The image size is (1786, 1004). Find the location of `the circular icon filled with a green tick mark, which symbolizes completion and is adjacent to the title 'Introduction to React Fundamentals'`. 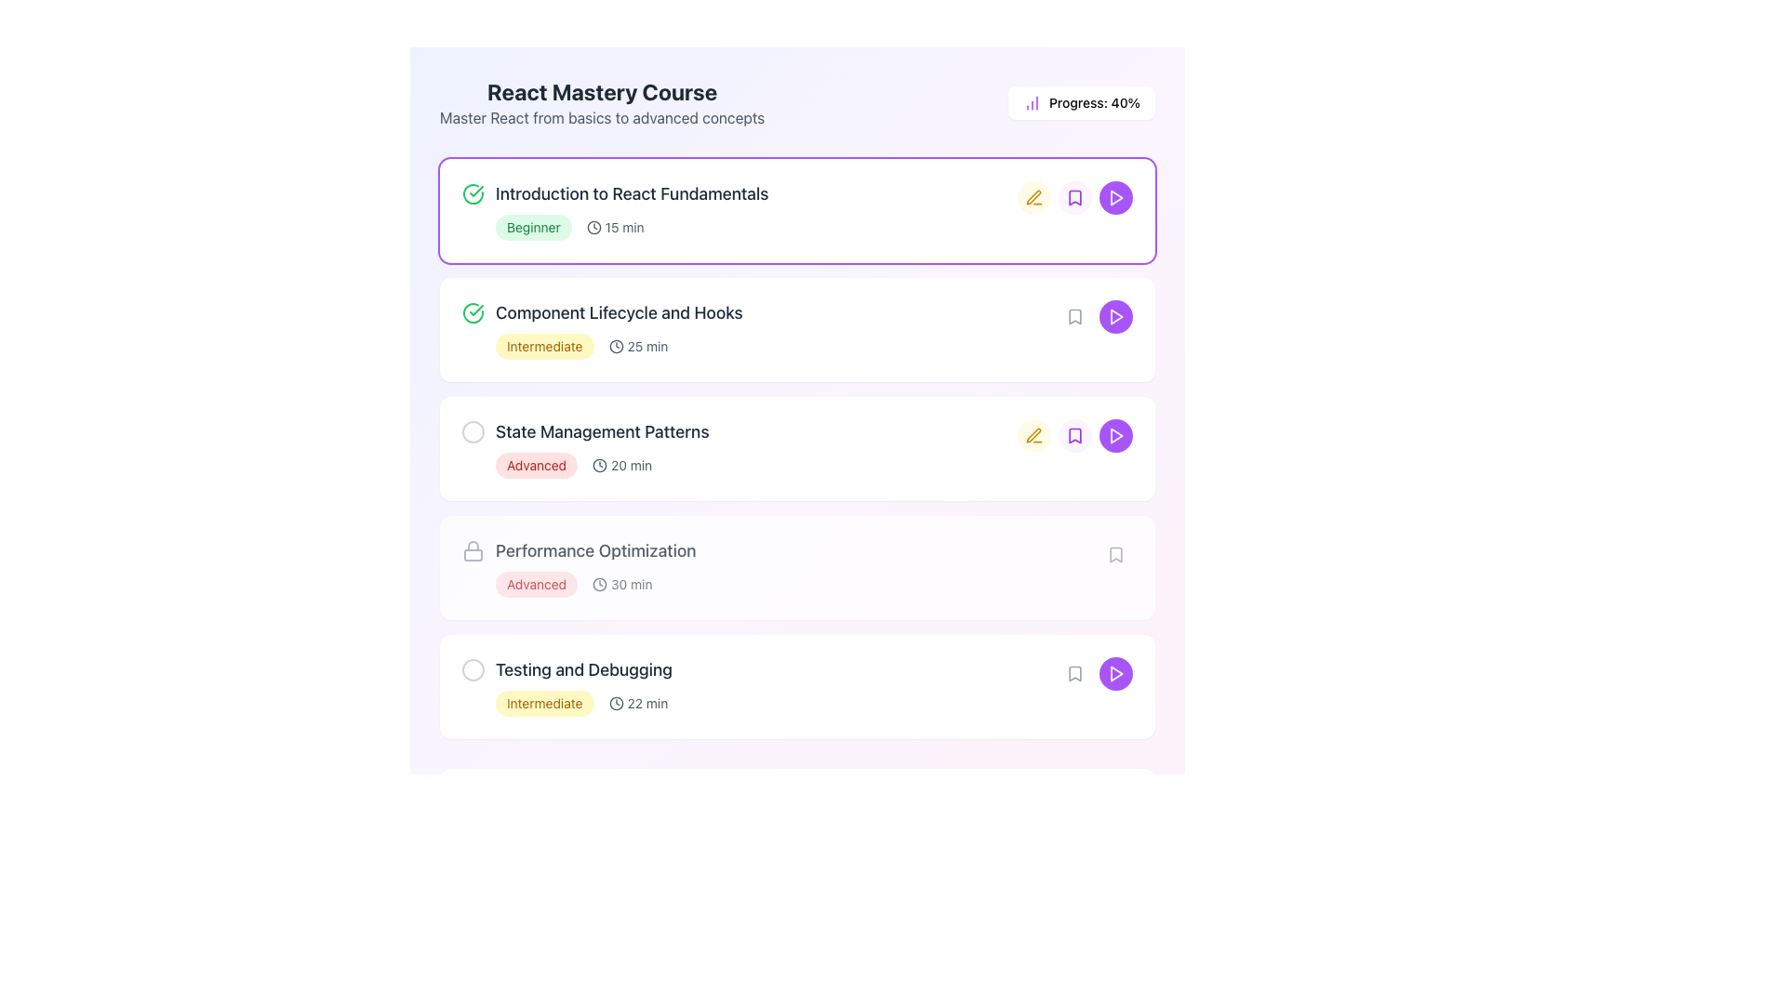

the circular icon filled with a green tick mark, which symbolizes completion and is adjacent to the title 'Introduction to React Fundamentals' is located at coordinates (473, 311).